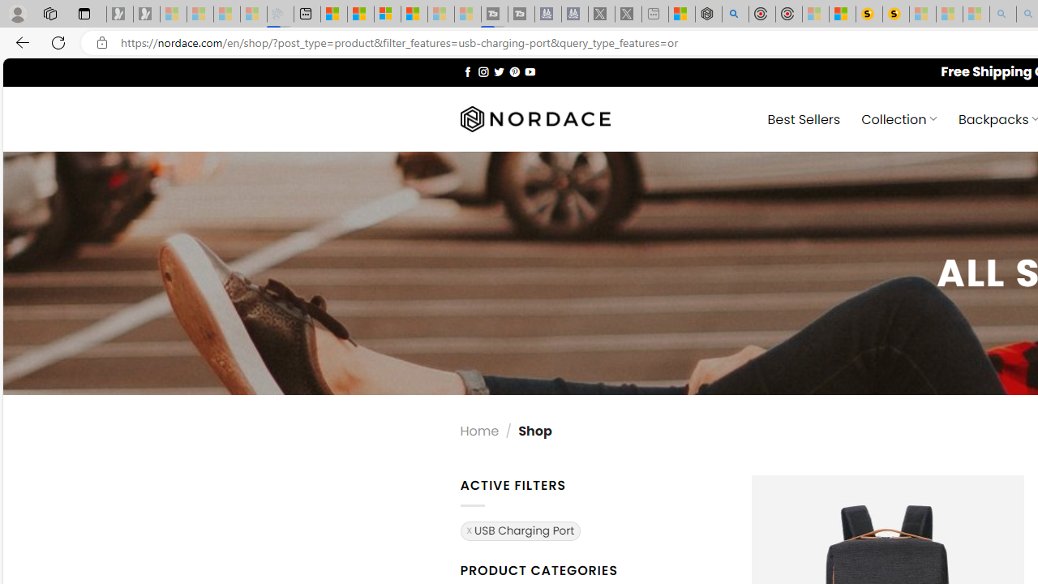 This screenshot has width=1038, height=584. Describe the element at coordinates (19, 41) in the screenshot. I see `'Back'` at that location.